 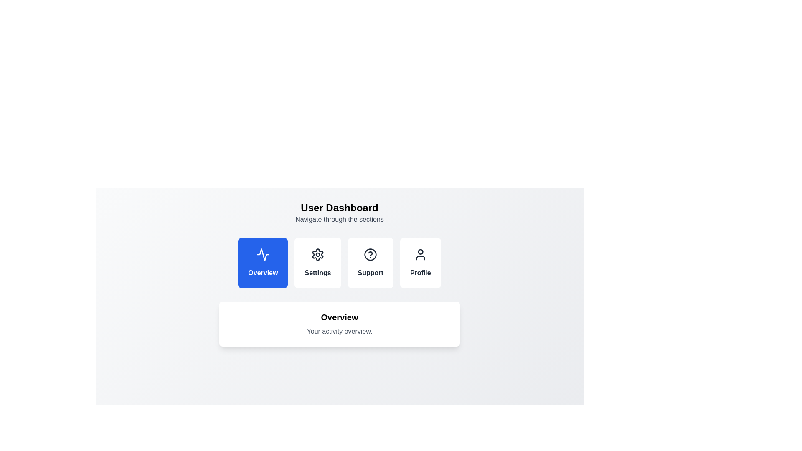 I want to click on text label displaying 'Profile' in bold font, located within the fourth item of a horizontal list of similar elements, so click(x=420, y=273).